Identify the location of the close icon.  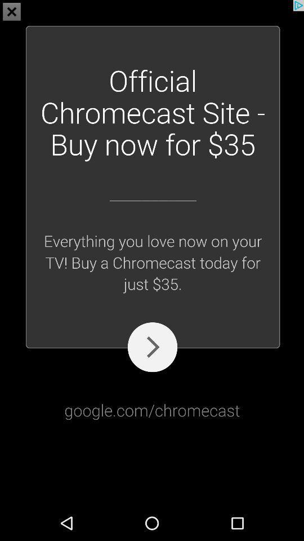
(11, 12).